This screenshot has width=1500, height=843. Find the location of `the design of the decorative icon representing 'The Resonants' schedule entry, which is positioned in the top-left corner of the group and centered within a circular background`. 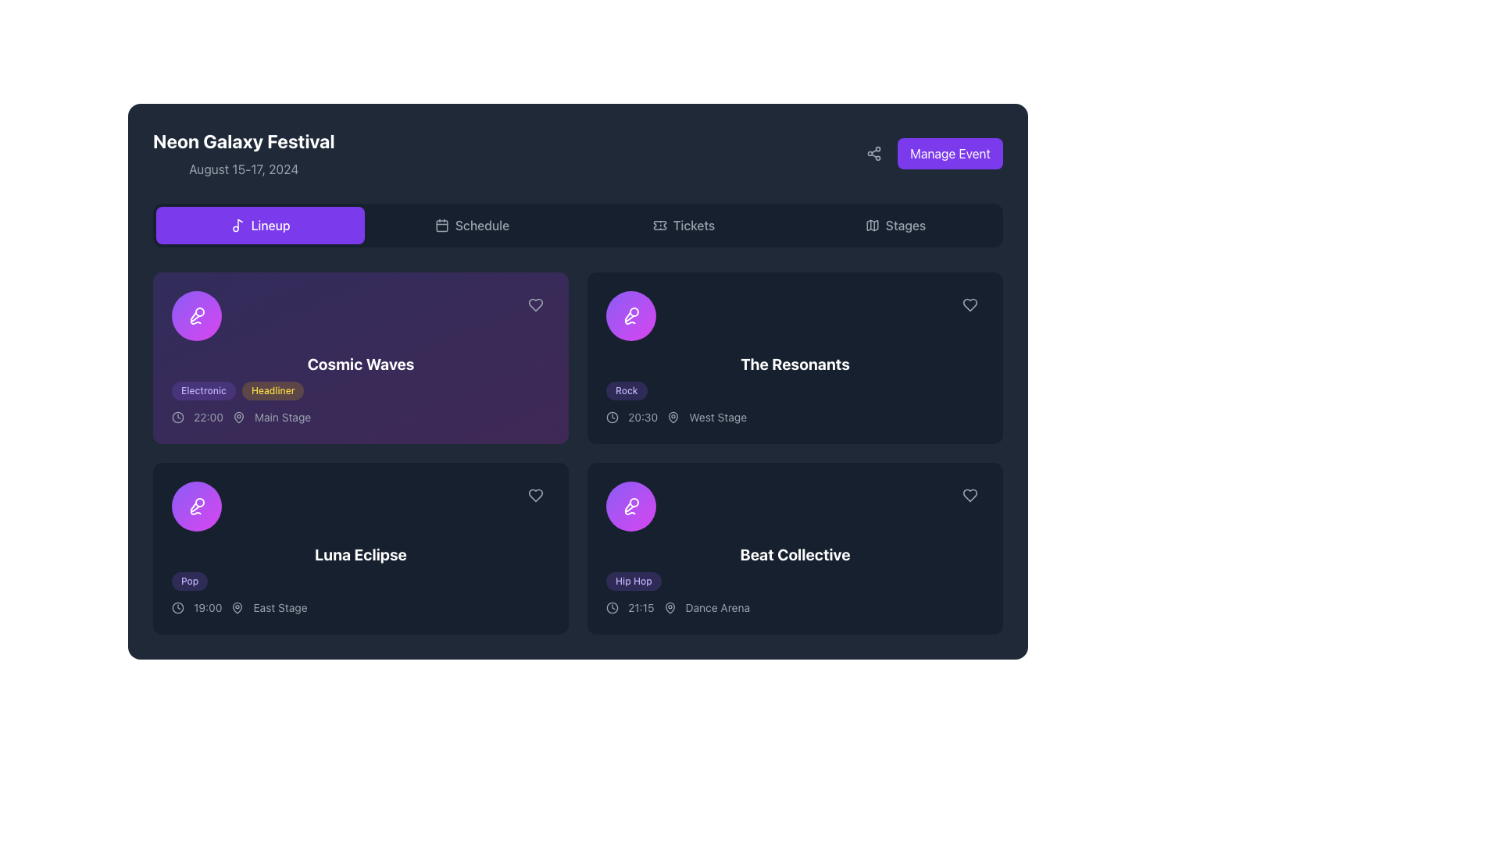

the design of the decorative icon representing 'The Resonants' schedule entry, which is positioned in the top-left corner of the group and centered within a circular background is located at coordinates (630, 506).